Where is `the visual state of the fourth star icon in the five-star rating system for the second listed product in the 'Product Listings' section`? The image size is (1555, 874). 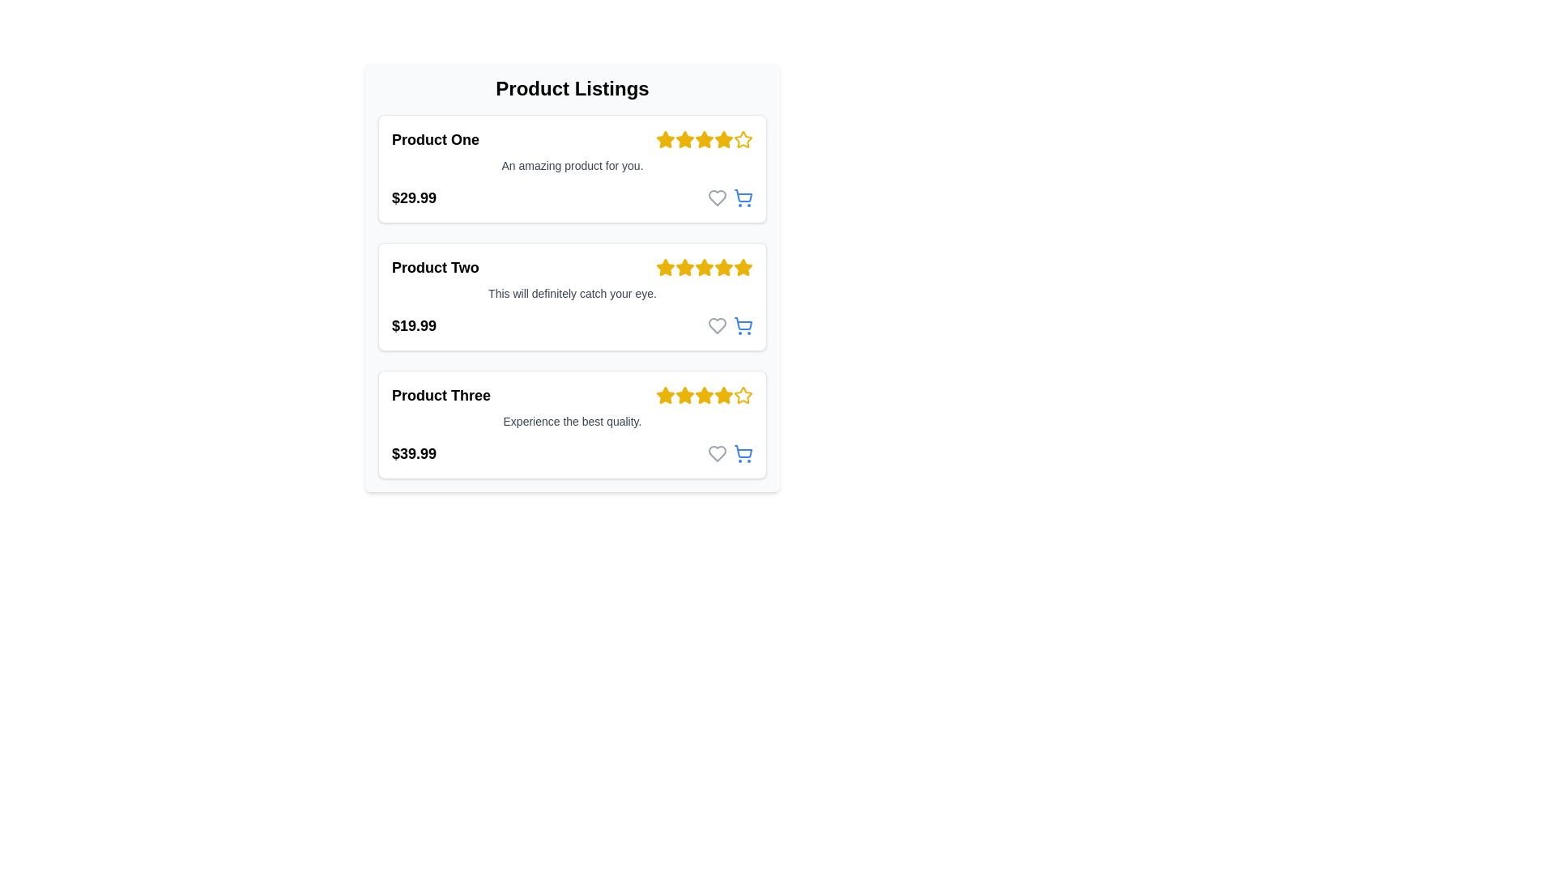 the visual state of the fourth star icon in the five-star rating system for the second listed product in the 'Product Listings' section is located at coordinates (665, 266).